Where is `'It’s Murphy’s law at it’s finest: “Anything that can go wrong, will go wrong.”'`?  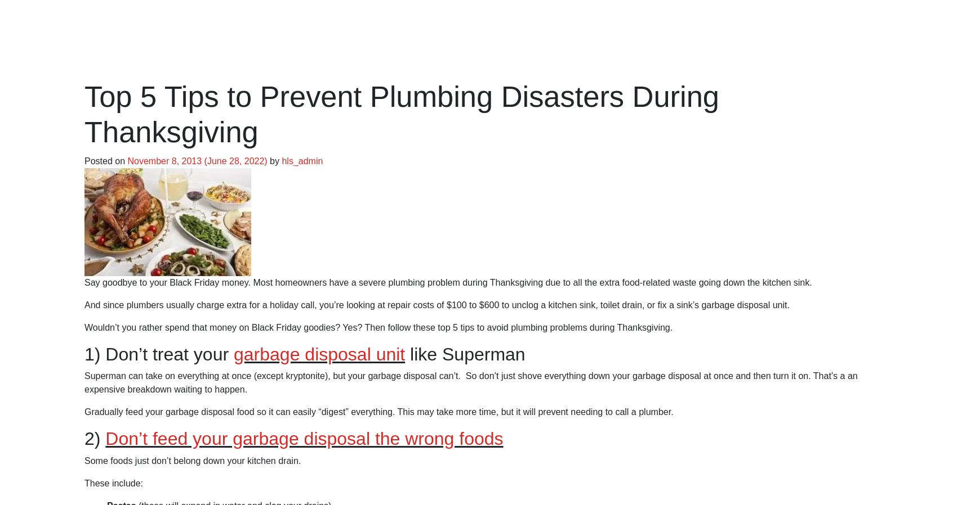 'It’s Murphy’s law at it’s finest: “Anything that can go wrong, will go wrong.”' is located at coordinates (231, 188).